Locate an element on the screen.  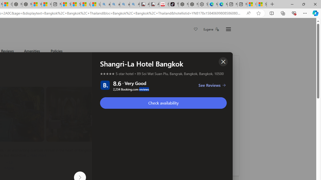
'Nordace - Best Sellers' is located at coordinates (183, 4).